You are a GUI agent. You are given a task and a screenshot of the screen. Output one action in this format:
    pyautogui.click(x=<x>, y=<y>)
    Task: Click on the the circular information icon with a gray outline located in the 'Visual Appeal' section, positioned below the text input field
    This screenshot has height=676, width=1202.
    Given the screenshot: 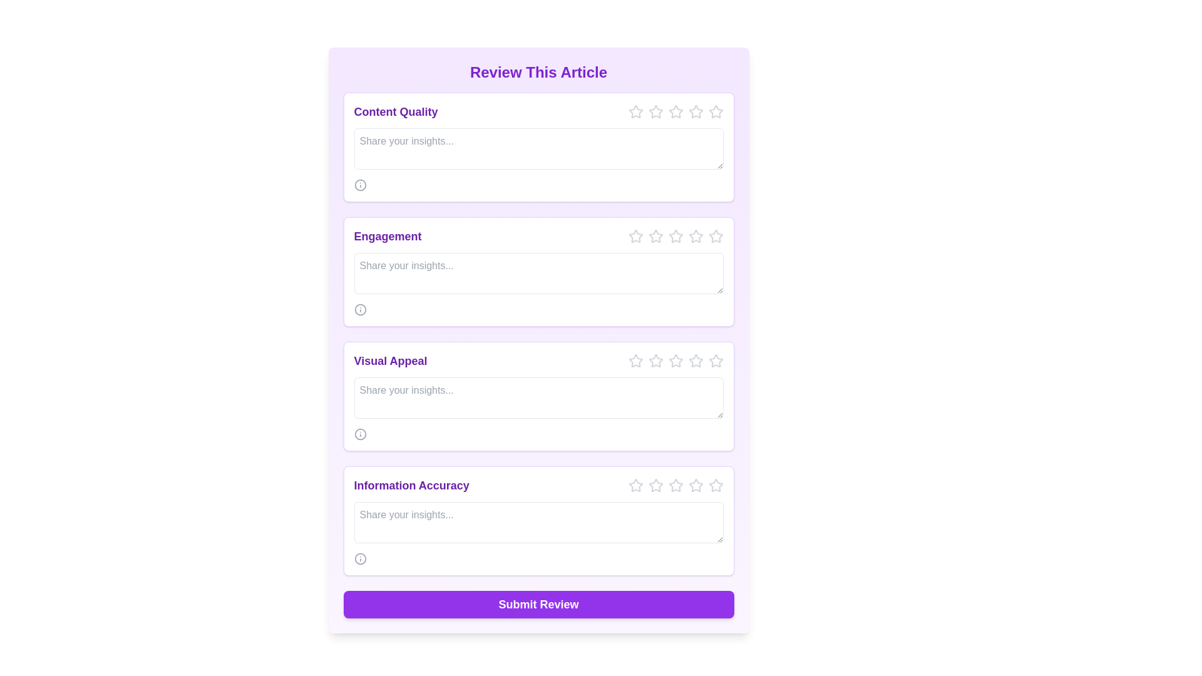 What is the action you would take?
    pyautogui.click(x=359, y=434)
    